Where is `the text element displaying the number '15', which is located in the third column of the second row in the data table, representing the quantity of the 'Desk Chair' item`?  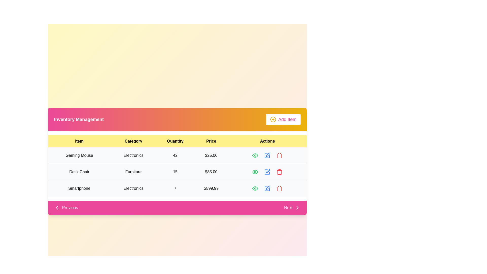 the text element displaying the number '15', which is located in the third column of the second row in the data table, representing the quantity of the 'Desk Chair' item is located at coordinates (175, 172).